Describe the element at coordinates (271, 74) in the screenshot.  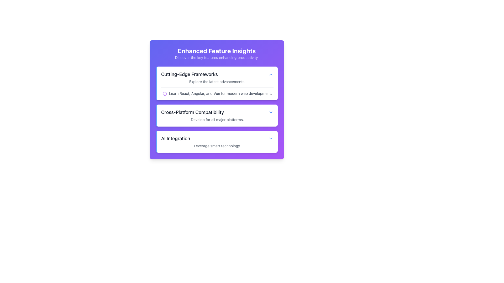
I see `the Chevron Icon located on the right side of the 'Cutting-Edge Frameworks' section` at that location.